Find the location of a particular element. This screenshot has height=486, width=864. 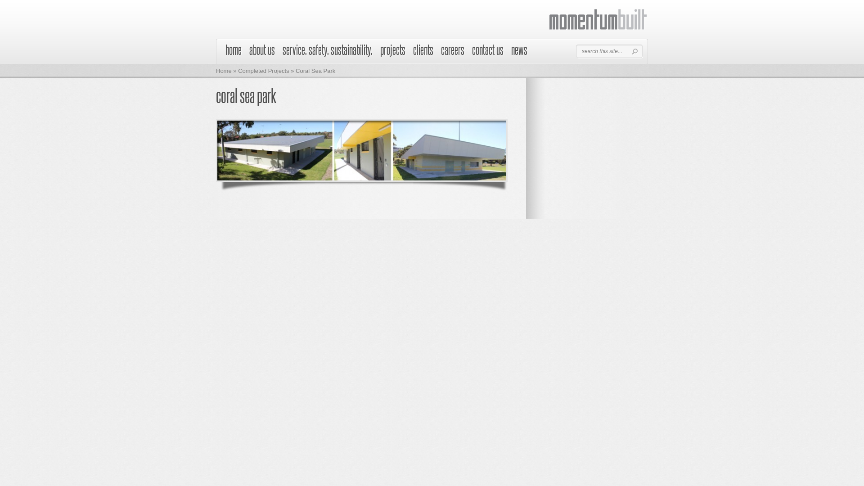

'Home' is located at coordinates (224, 70).